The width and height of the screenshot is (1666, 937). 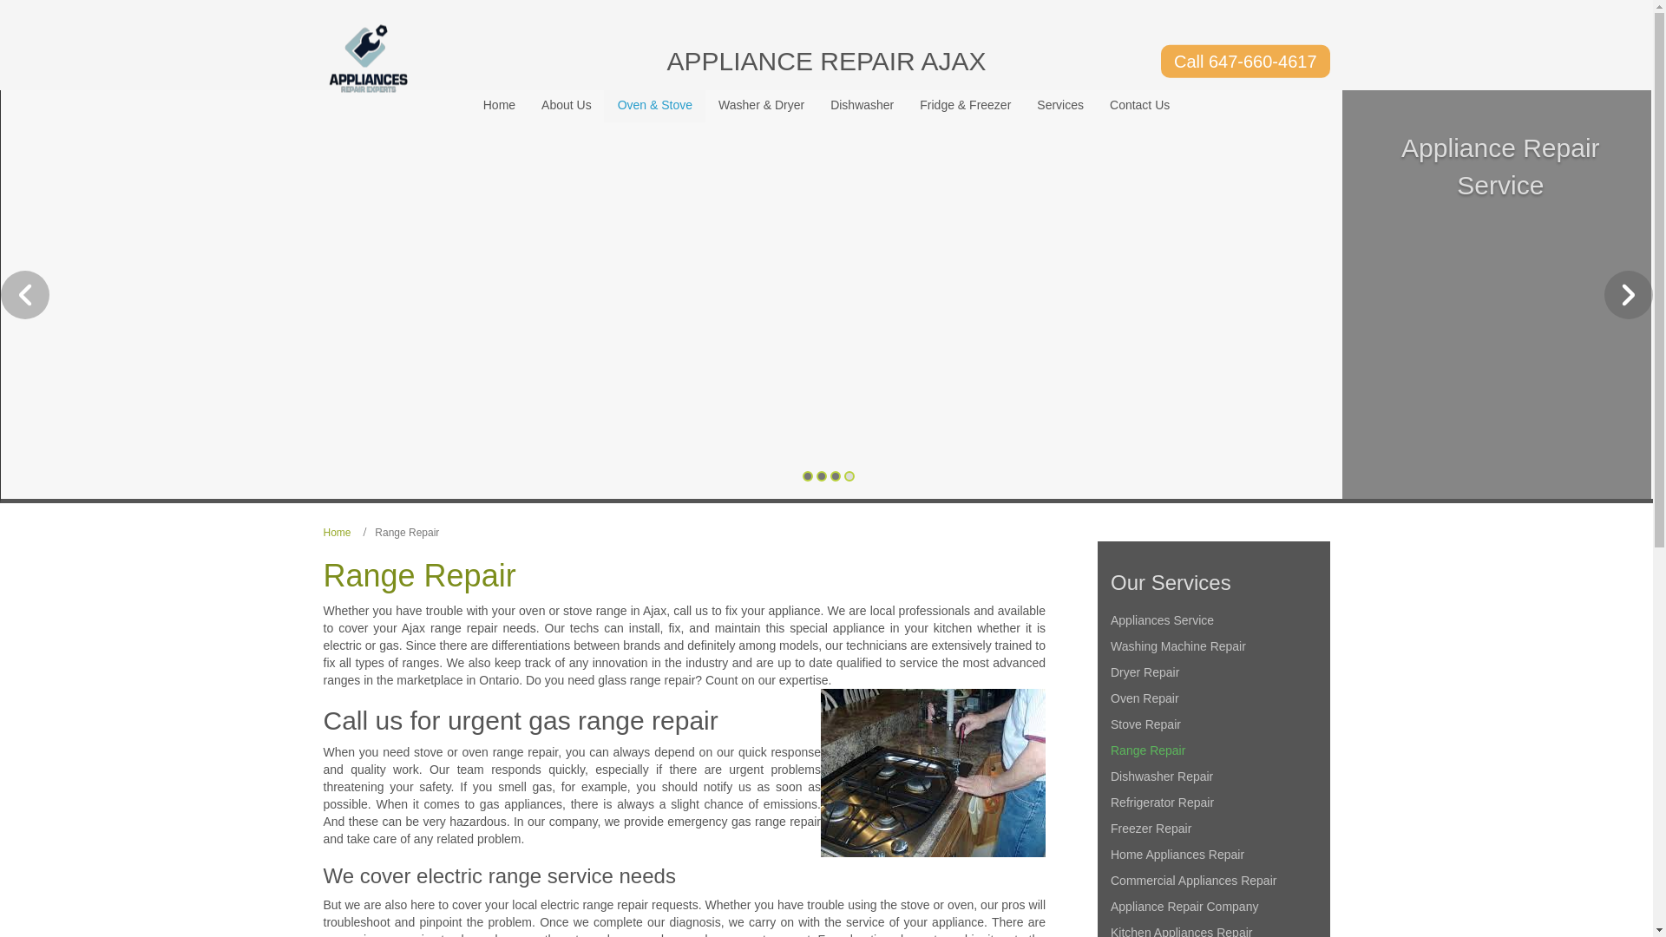 I want to click on 'Call 647-660-4617', so click(x=1244, y=60).